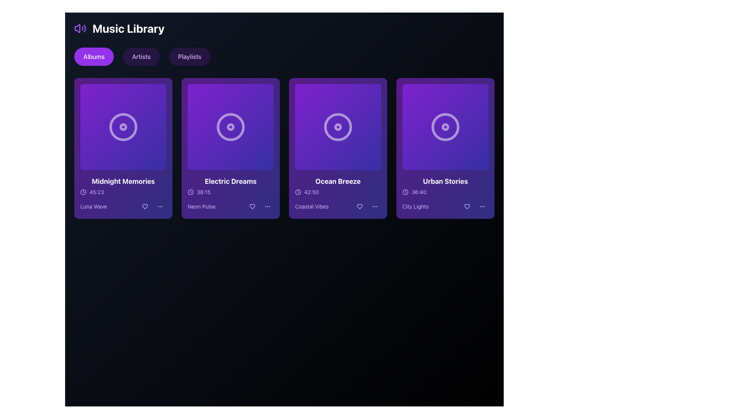 This screenshot has width=731, height=411. What do you see at coordinates (124, 127) in the screenshot?
I see `the triangular play button icon located within the 'Midnight Memories' card in the top-left corner of the grid to play the associated media` at bounding box center [124, 127].